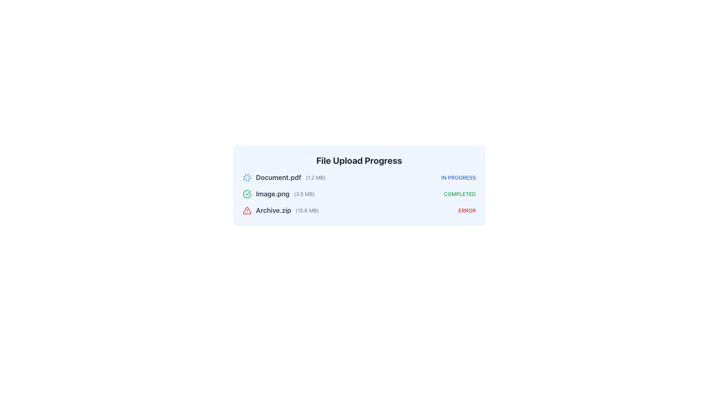 The image size is (718, 404). I want to click on the red triangular alert icon indicating an error state located to the left of 'Archive.zip' in the 'File Upload Progress' interface, so click(247, 211).